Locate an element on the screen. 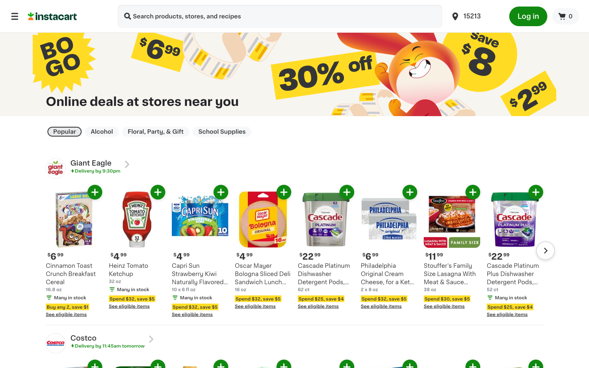  the Floral, Party & Gift collections page is located at coordinates (155, 131).